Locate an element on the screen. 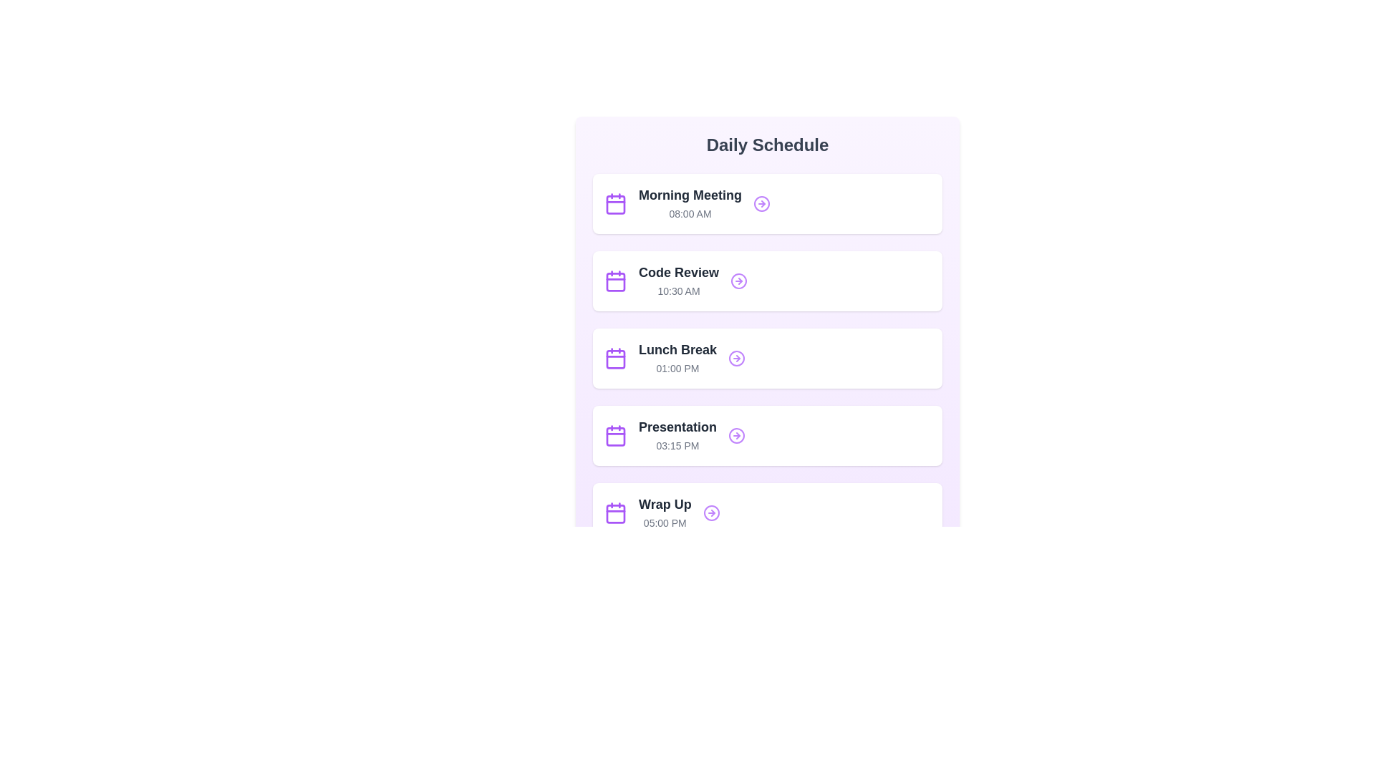 The height and width of the screenshot is (773, 1375). the text label displaying '10:30 AM' within the 'Code Review' entry of the schedule is located at coordinates (678, 291).